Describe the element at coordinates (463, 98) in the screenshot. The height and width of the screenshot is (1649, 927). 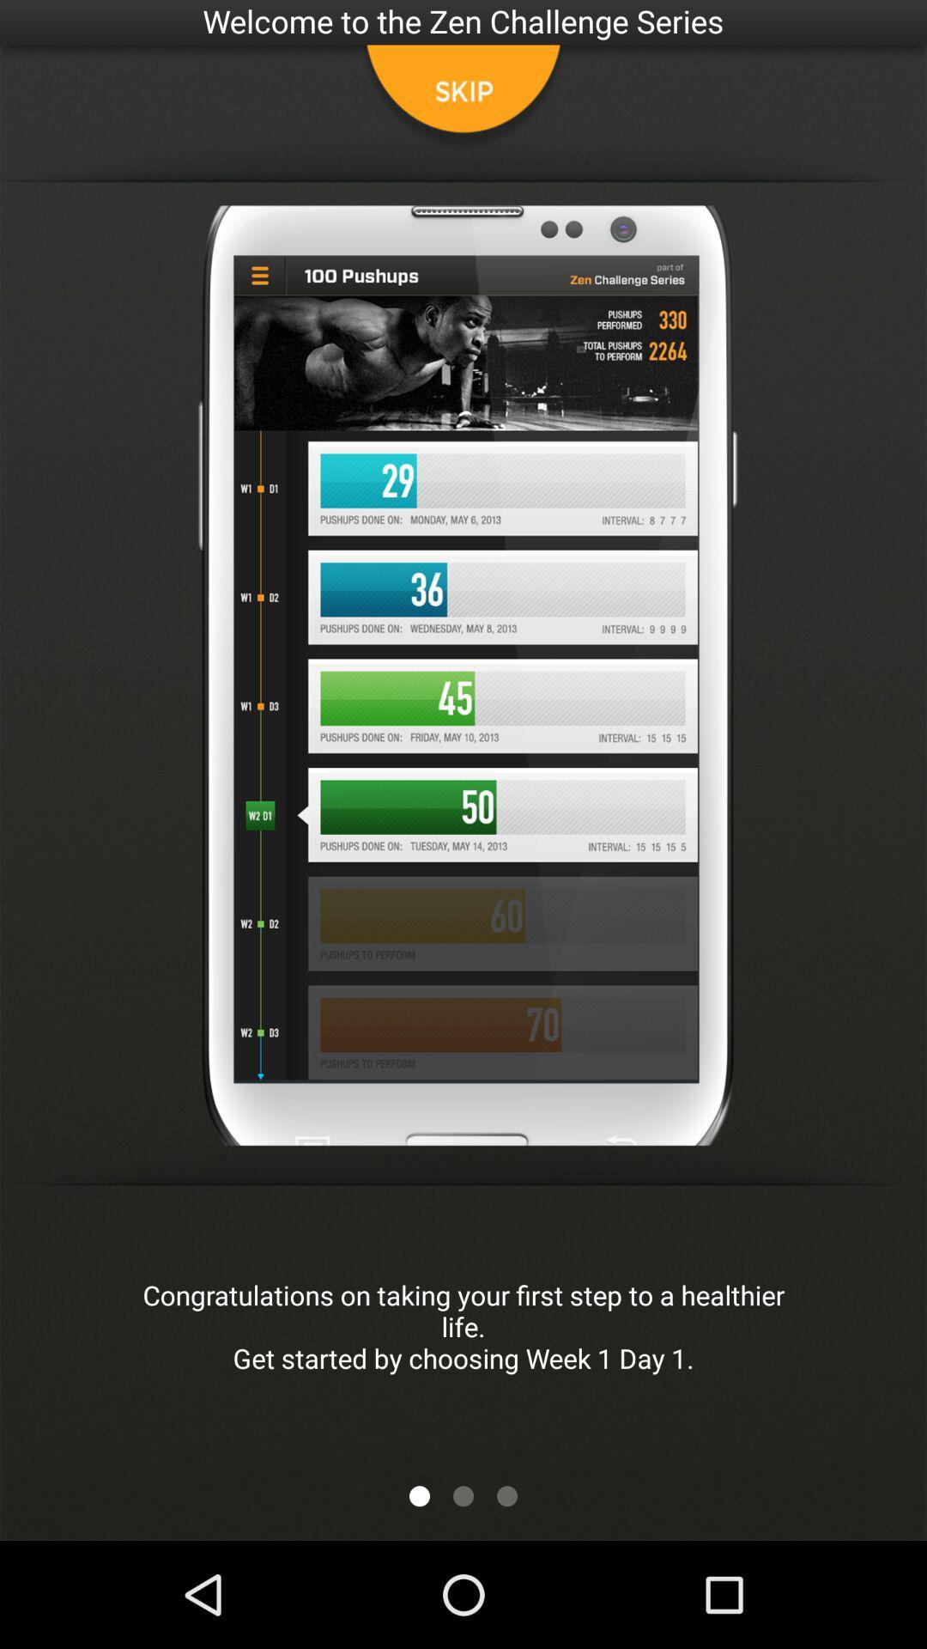
I see `skip button` at that location.